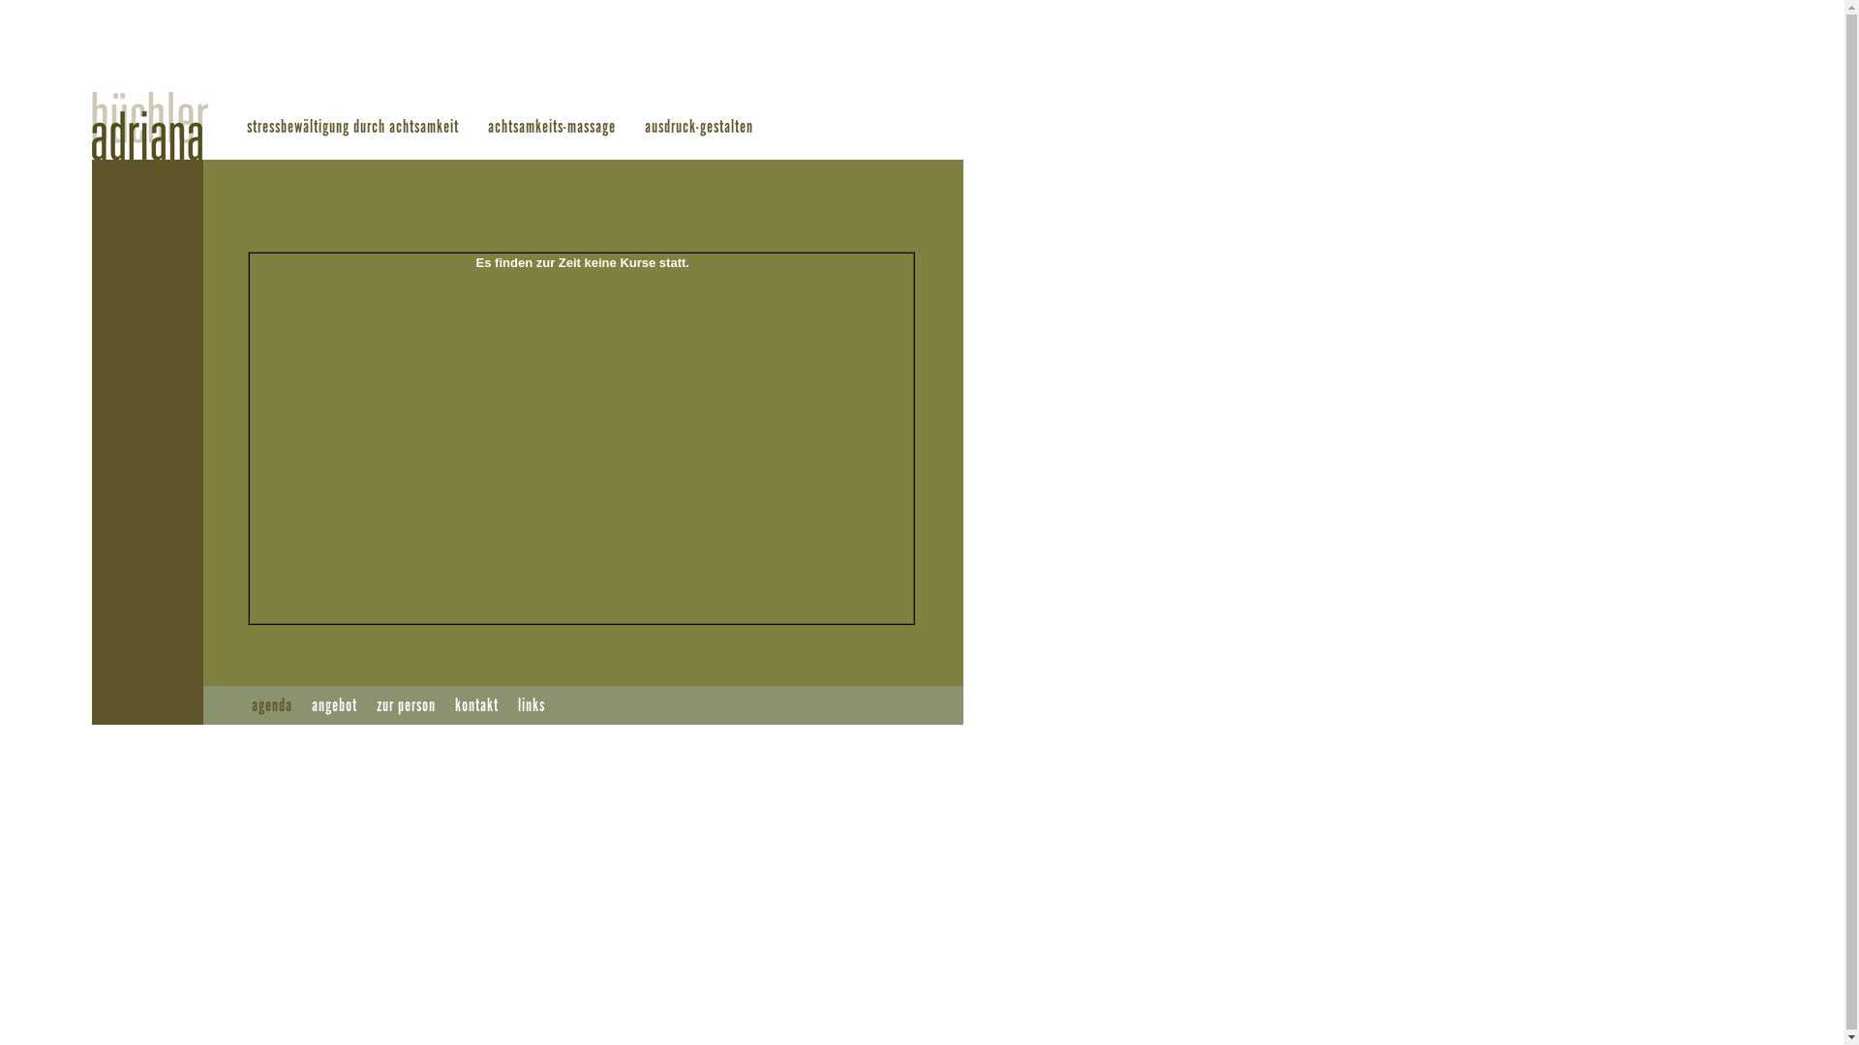  I want to click on 'ausdruck-gestalten', so click(645, 127).